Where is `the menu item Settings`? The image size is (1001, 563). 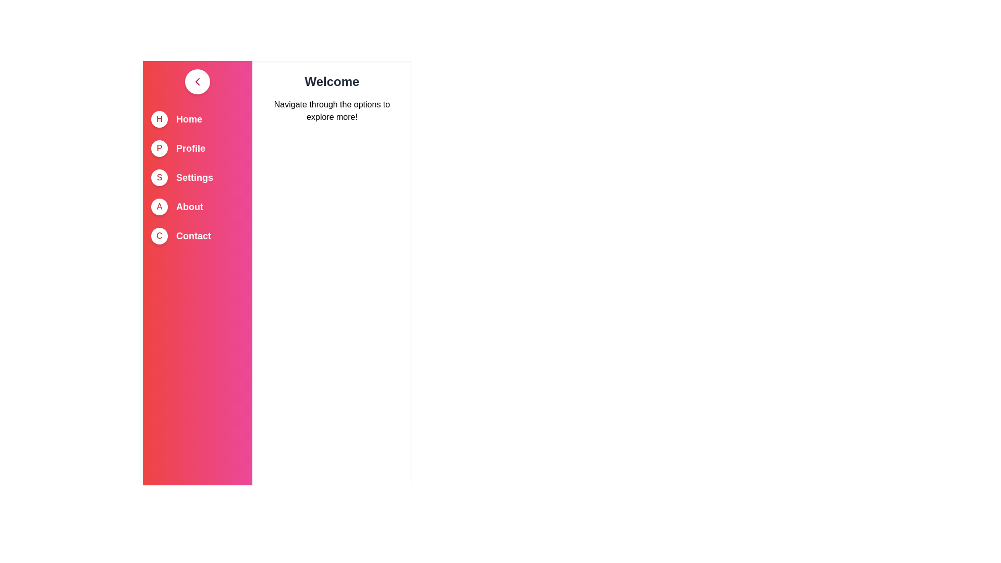
the menu item Settings is located at coordinates (194, 177).